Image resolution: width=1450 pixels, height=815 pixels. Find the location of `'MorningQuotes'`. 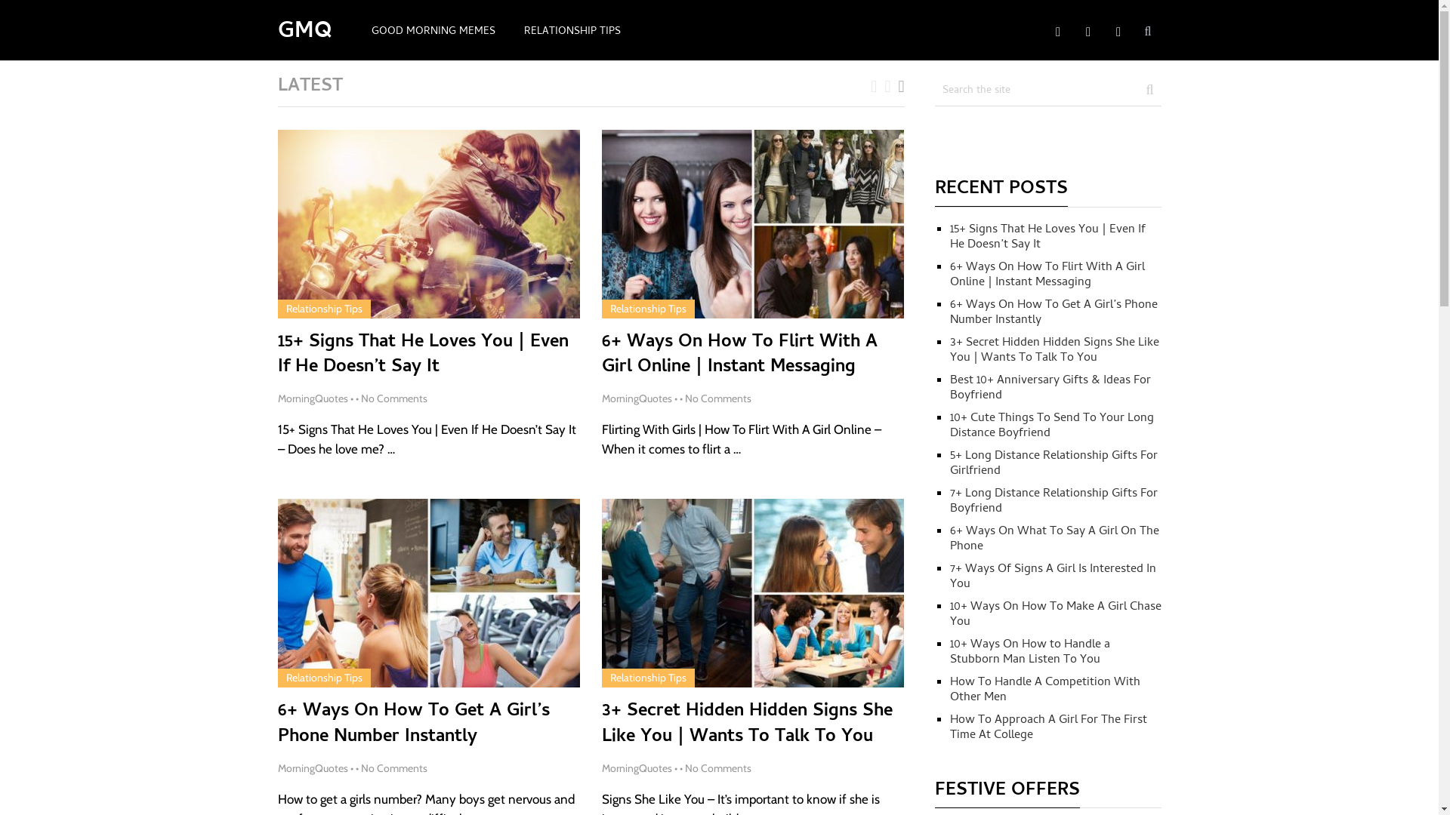

'MorningQuotes' is located at coordinates (312, 398).